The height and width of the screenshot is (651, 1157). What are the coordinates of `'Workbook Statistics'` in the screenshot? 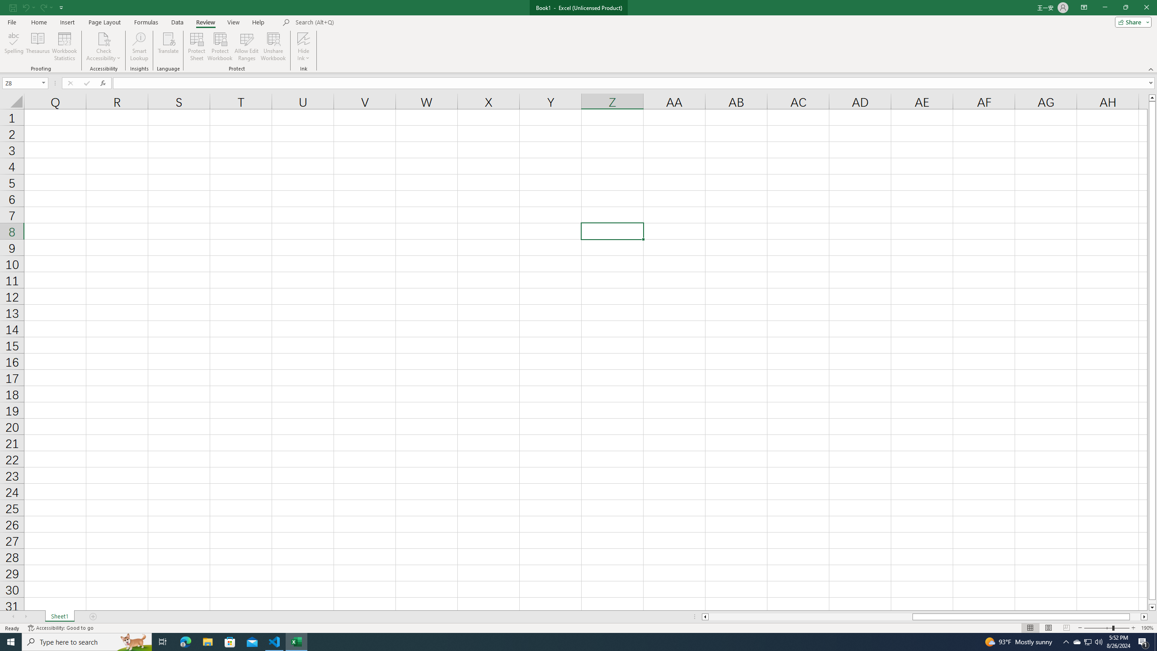 It's located at (64, 47).